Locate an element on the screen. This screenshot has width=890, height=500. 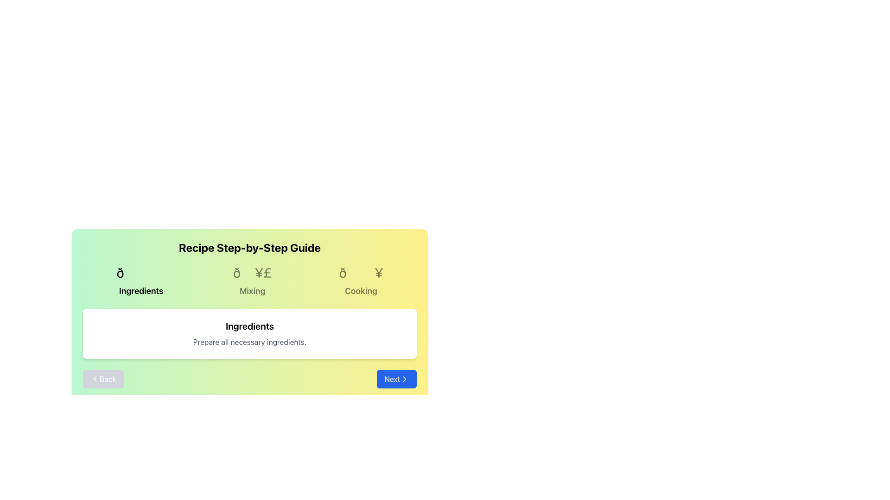
static text label at the center of the gradient background card, which serves as the title or heading for the recipe content is located at coordinates (249, 247).